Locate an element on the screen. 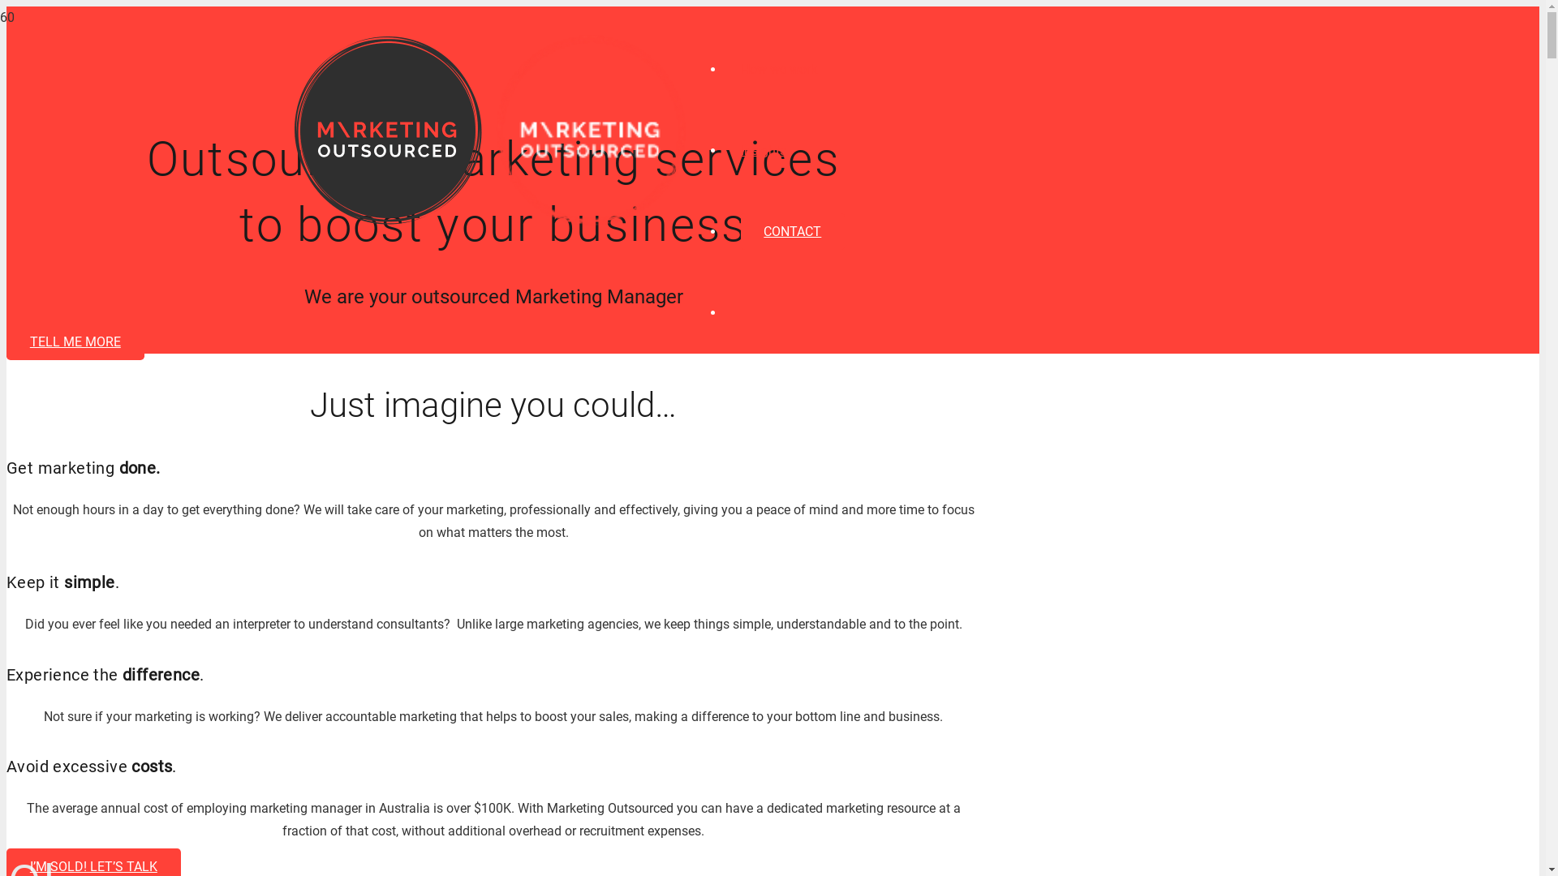 The width and height of the screenshot is (1558, 876). 'How we work' is located at coordinates (777, 68).